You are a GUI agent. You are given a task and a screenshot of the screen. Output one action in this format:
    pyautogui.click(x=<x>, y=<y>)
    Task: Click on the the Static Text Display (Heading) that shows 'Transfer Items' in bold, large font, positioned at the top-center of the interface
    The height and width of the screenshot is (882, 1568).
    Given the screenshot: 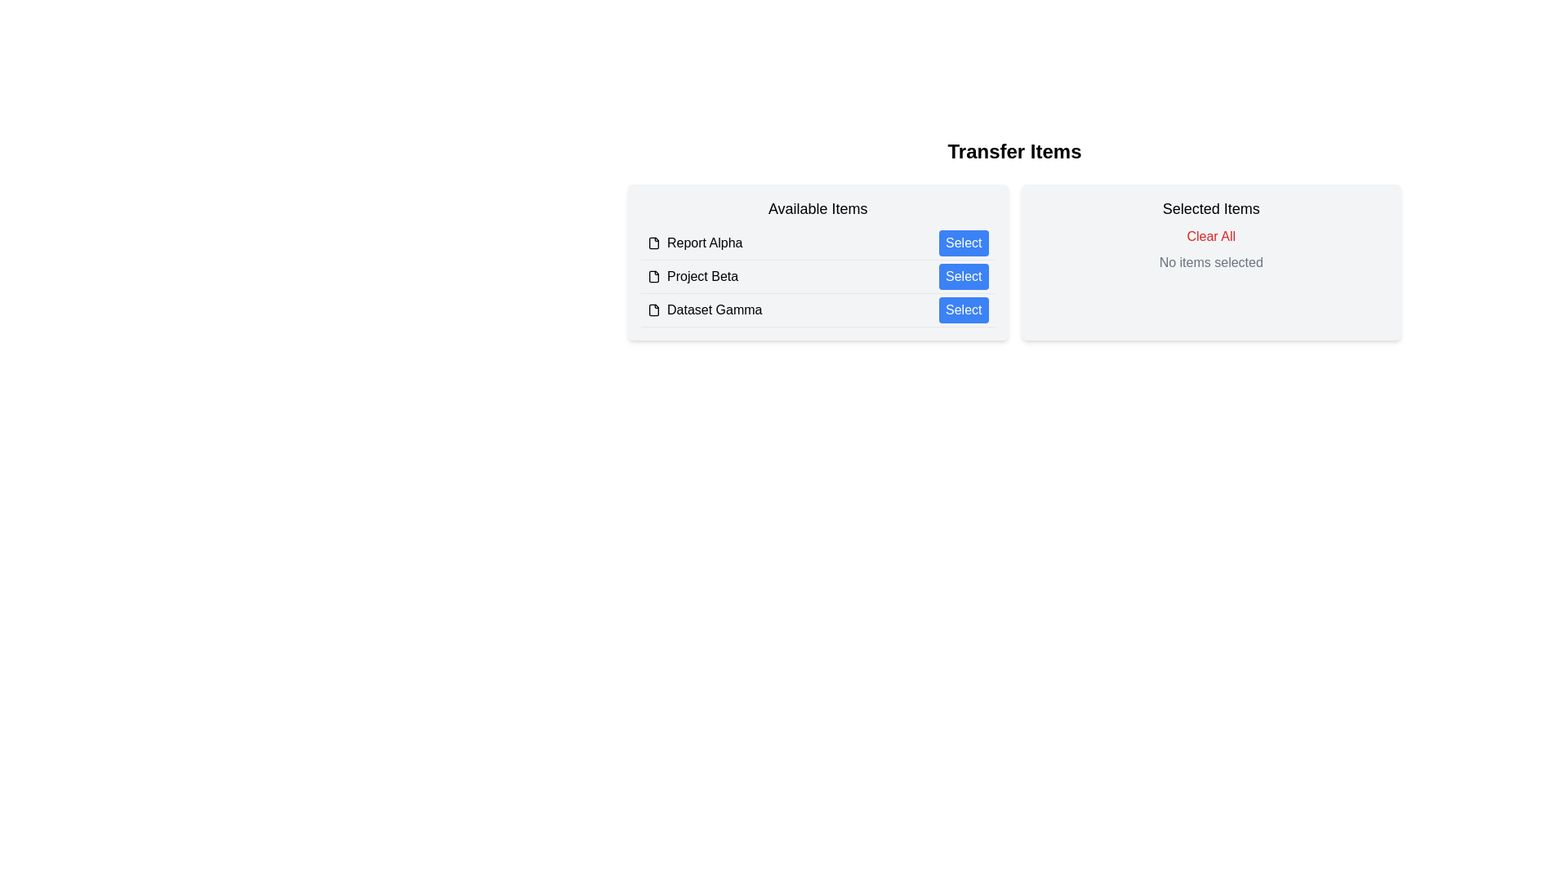 What is the action you would take?
    pyautogui.click(x=1013, y=151)
    